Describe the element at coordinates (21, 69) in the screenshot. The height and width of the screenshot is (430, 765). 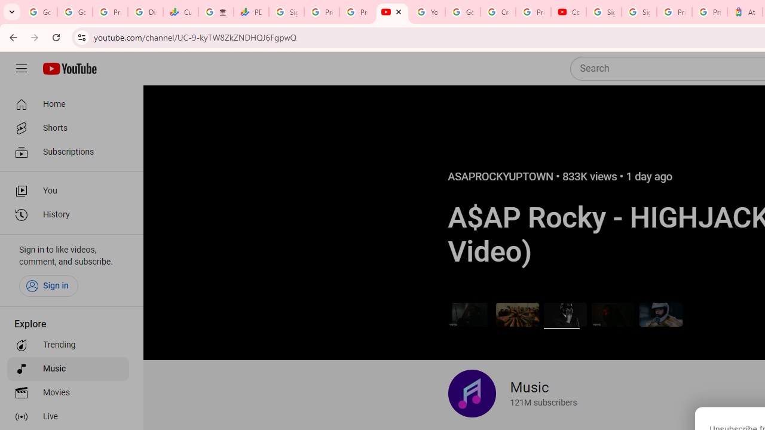
I see `'Guide'` at that location.